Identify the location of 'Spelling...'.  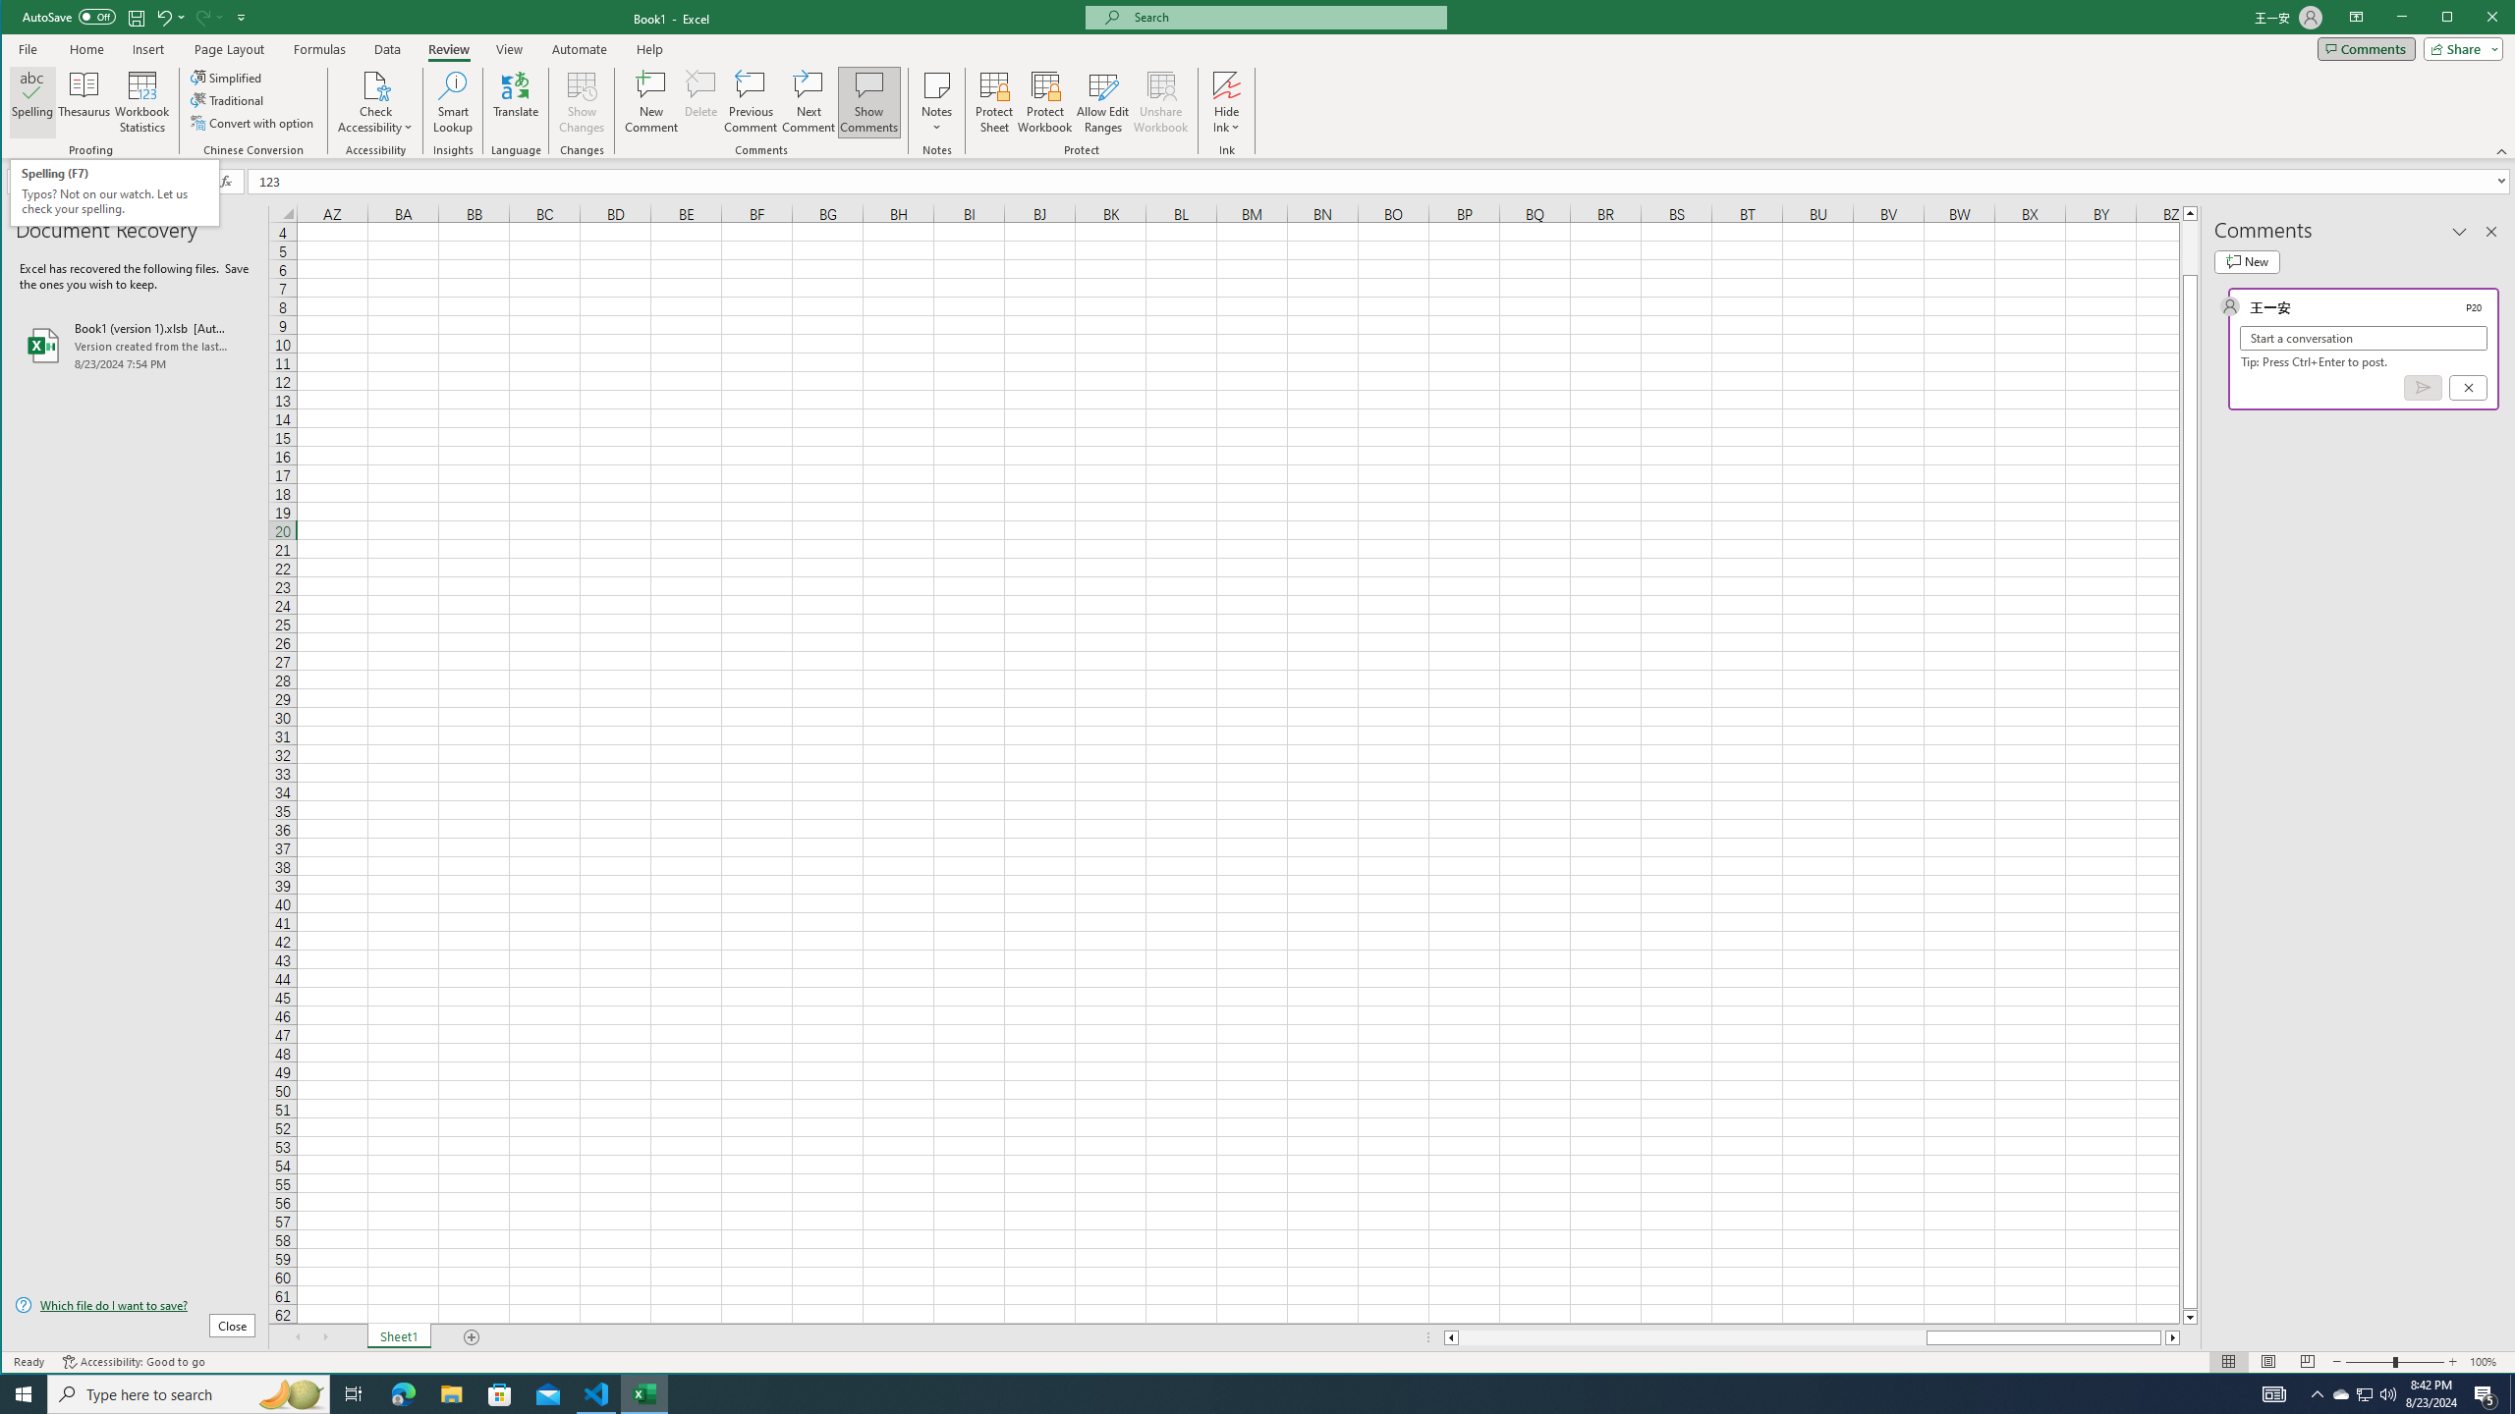
(31, 101).